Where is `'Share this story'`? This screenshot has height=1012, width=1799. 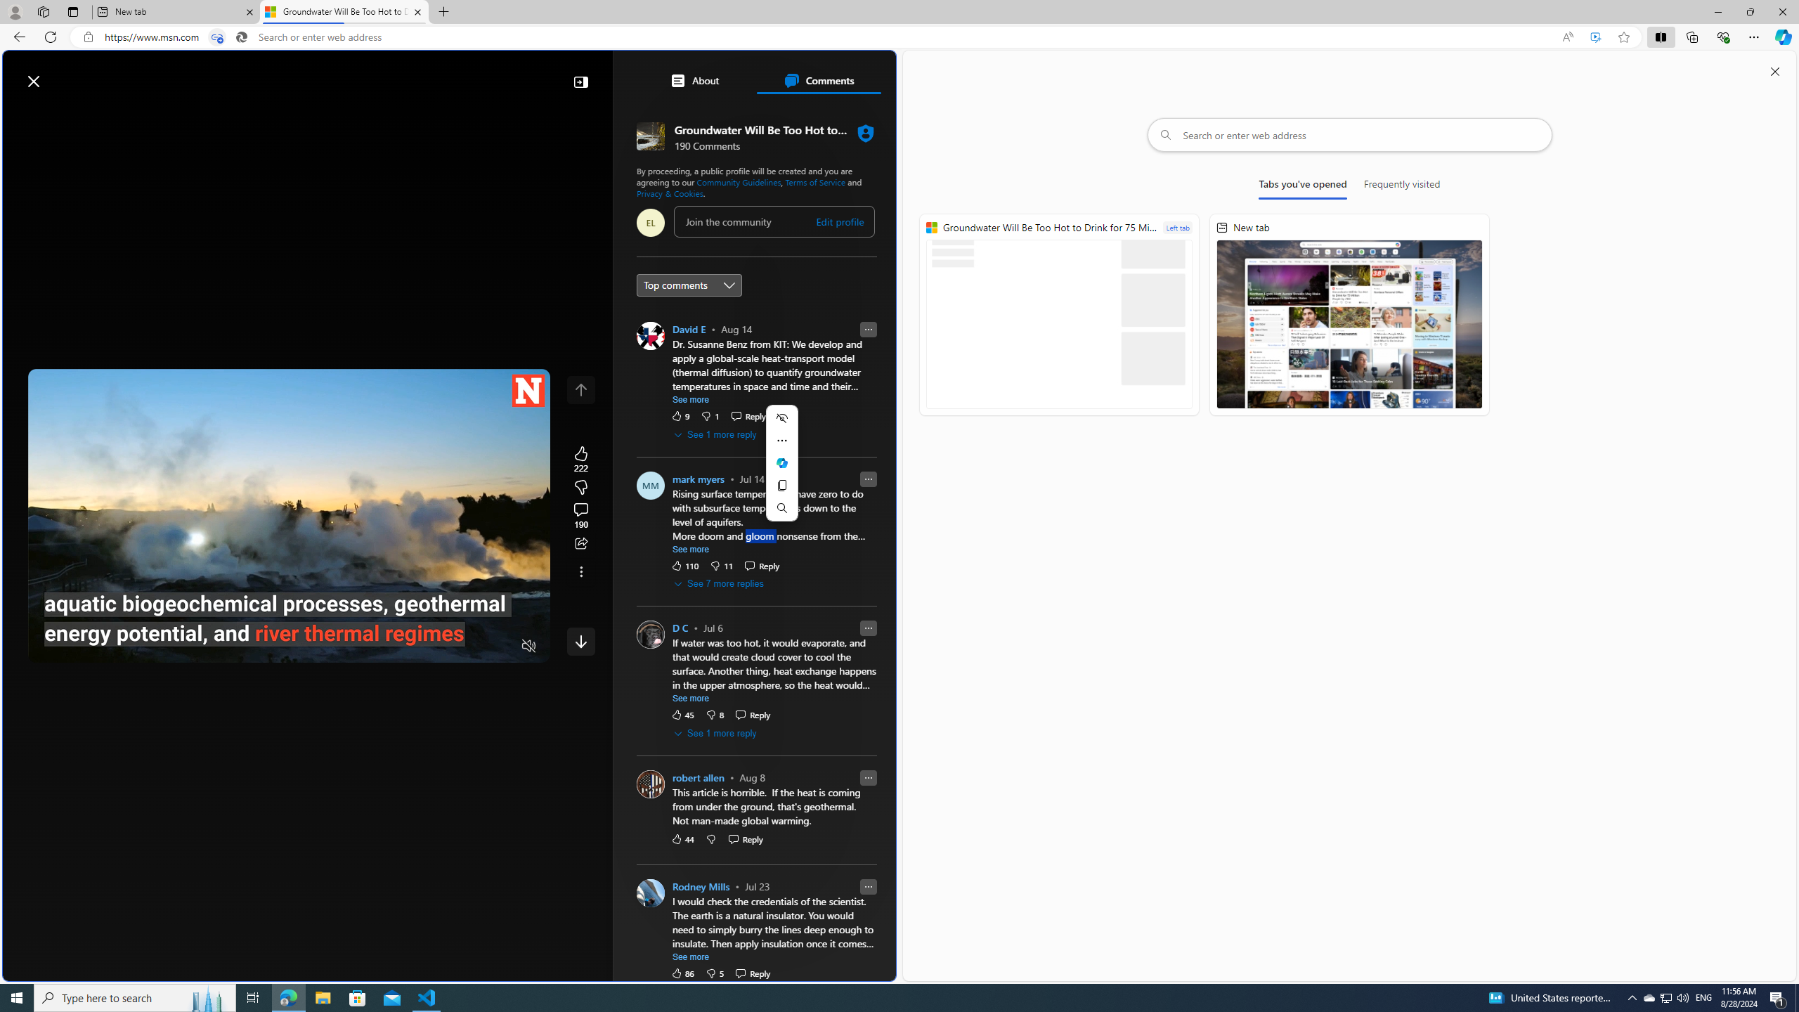 'Share this story' is located at coordinates (580, 543).